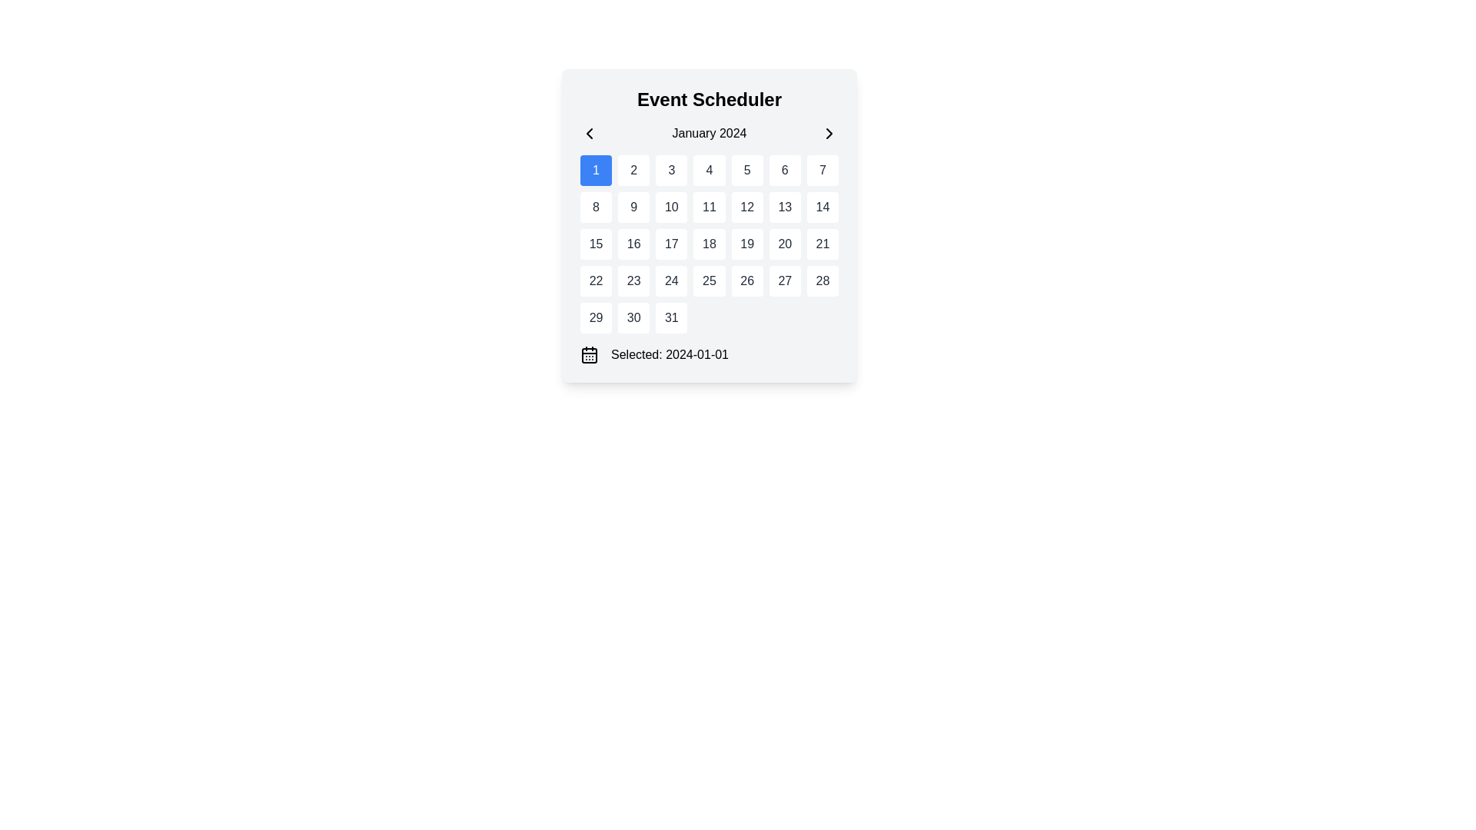  What do you see at coordinates (633, 243) in the screenshot?
I see `the Date cell in the calendar grid that contains the number '16'` at bounding box center [633, 243].